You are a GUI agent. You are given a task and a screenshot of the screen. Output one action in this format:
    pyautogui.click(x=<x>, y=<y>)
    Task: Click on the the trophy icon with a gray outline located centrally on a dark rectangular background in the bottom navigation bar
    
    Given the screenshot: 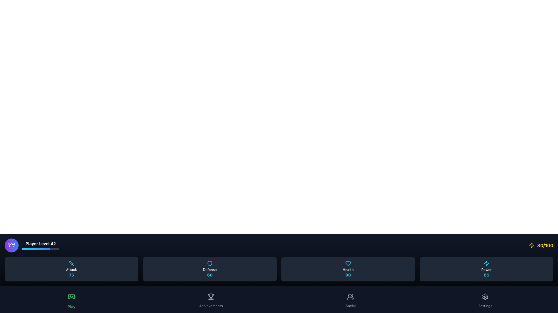 What is the action you would take?
    pyautogui.click(x=211, y=296)
    